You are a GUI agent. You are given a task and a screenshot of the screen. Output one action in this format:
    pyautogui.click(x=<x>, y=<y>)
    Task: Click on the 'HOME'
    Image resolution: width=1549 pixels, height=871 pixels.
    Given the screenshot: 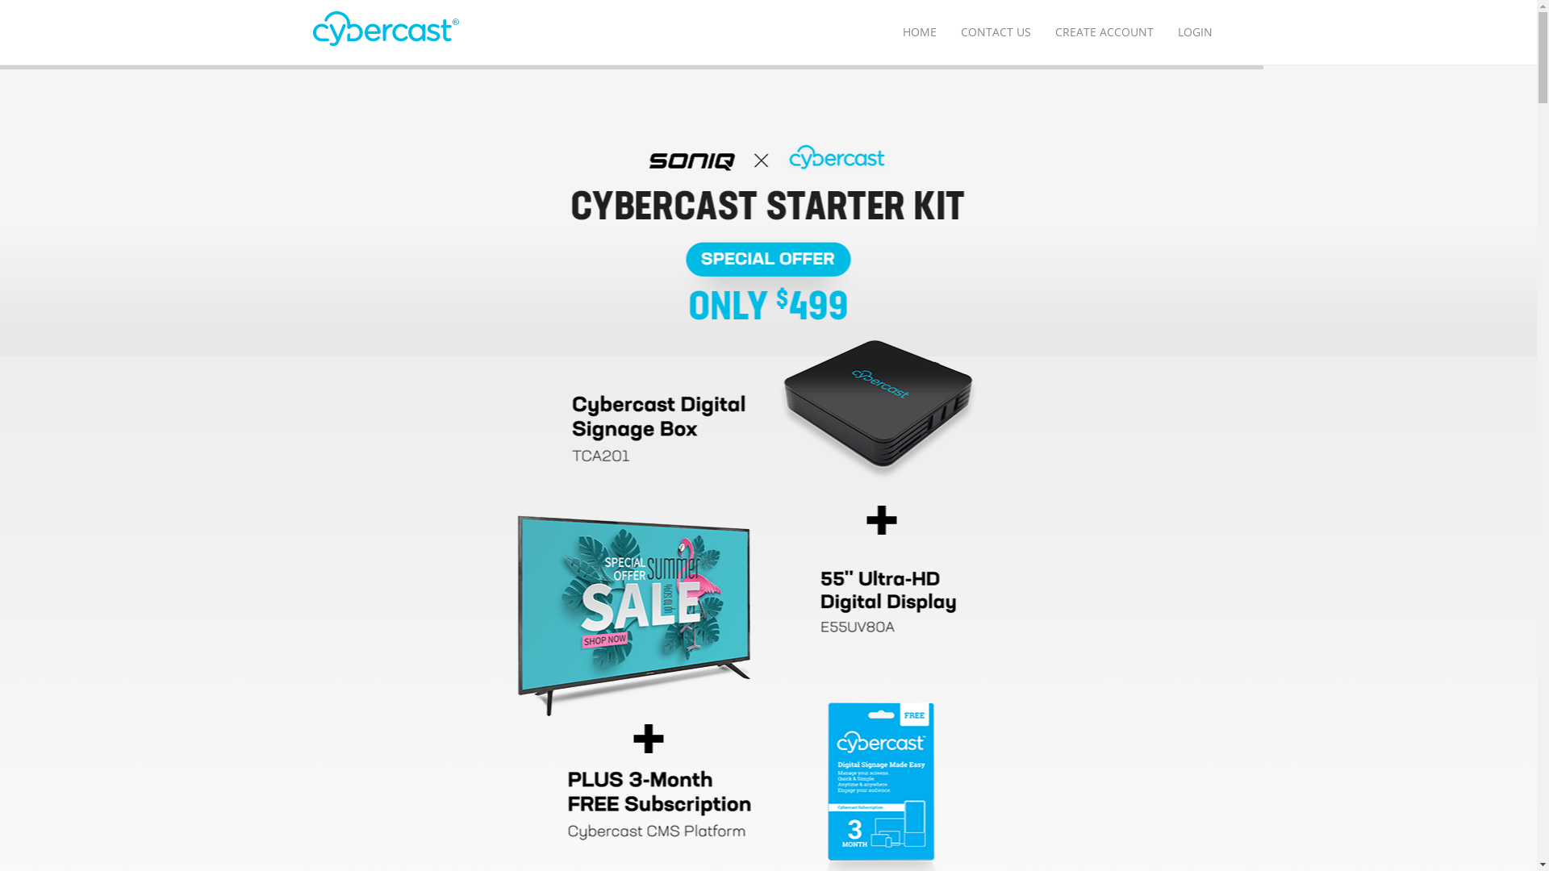 What is the action you would take?
    pyautogui.click(x=920, y=31)
    